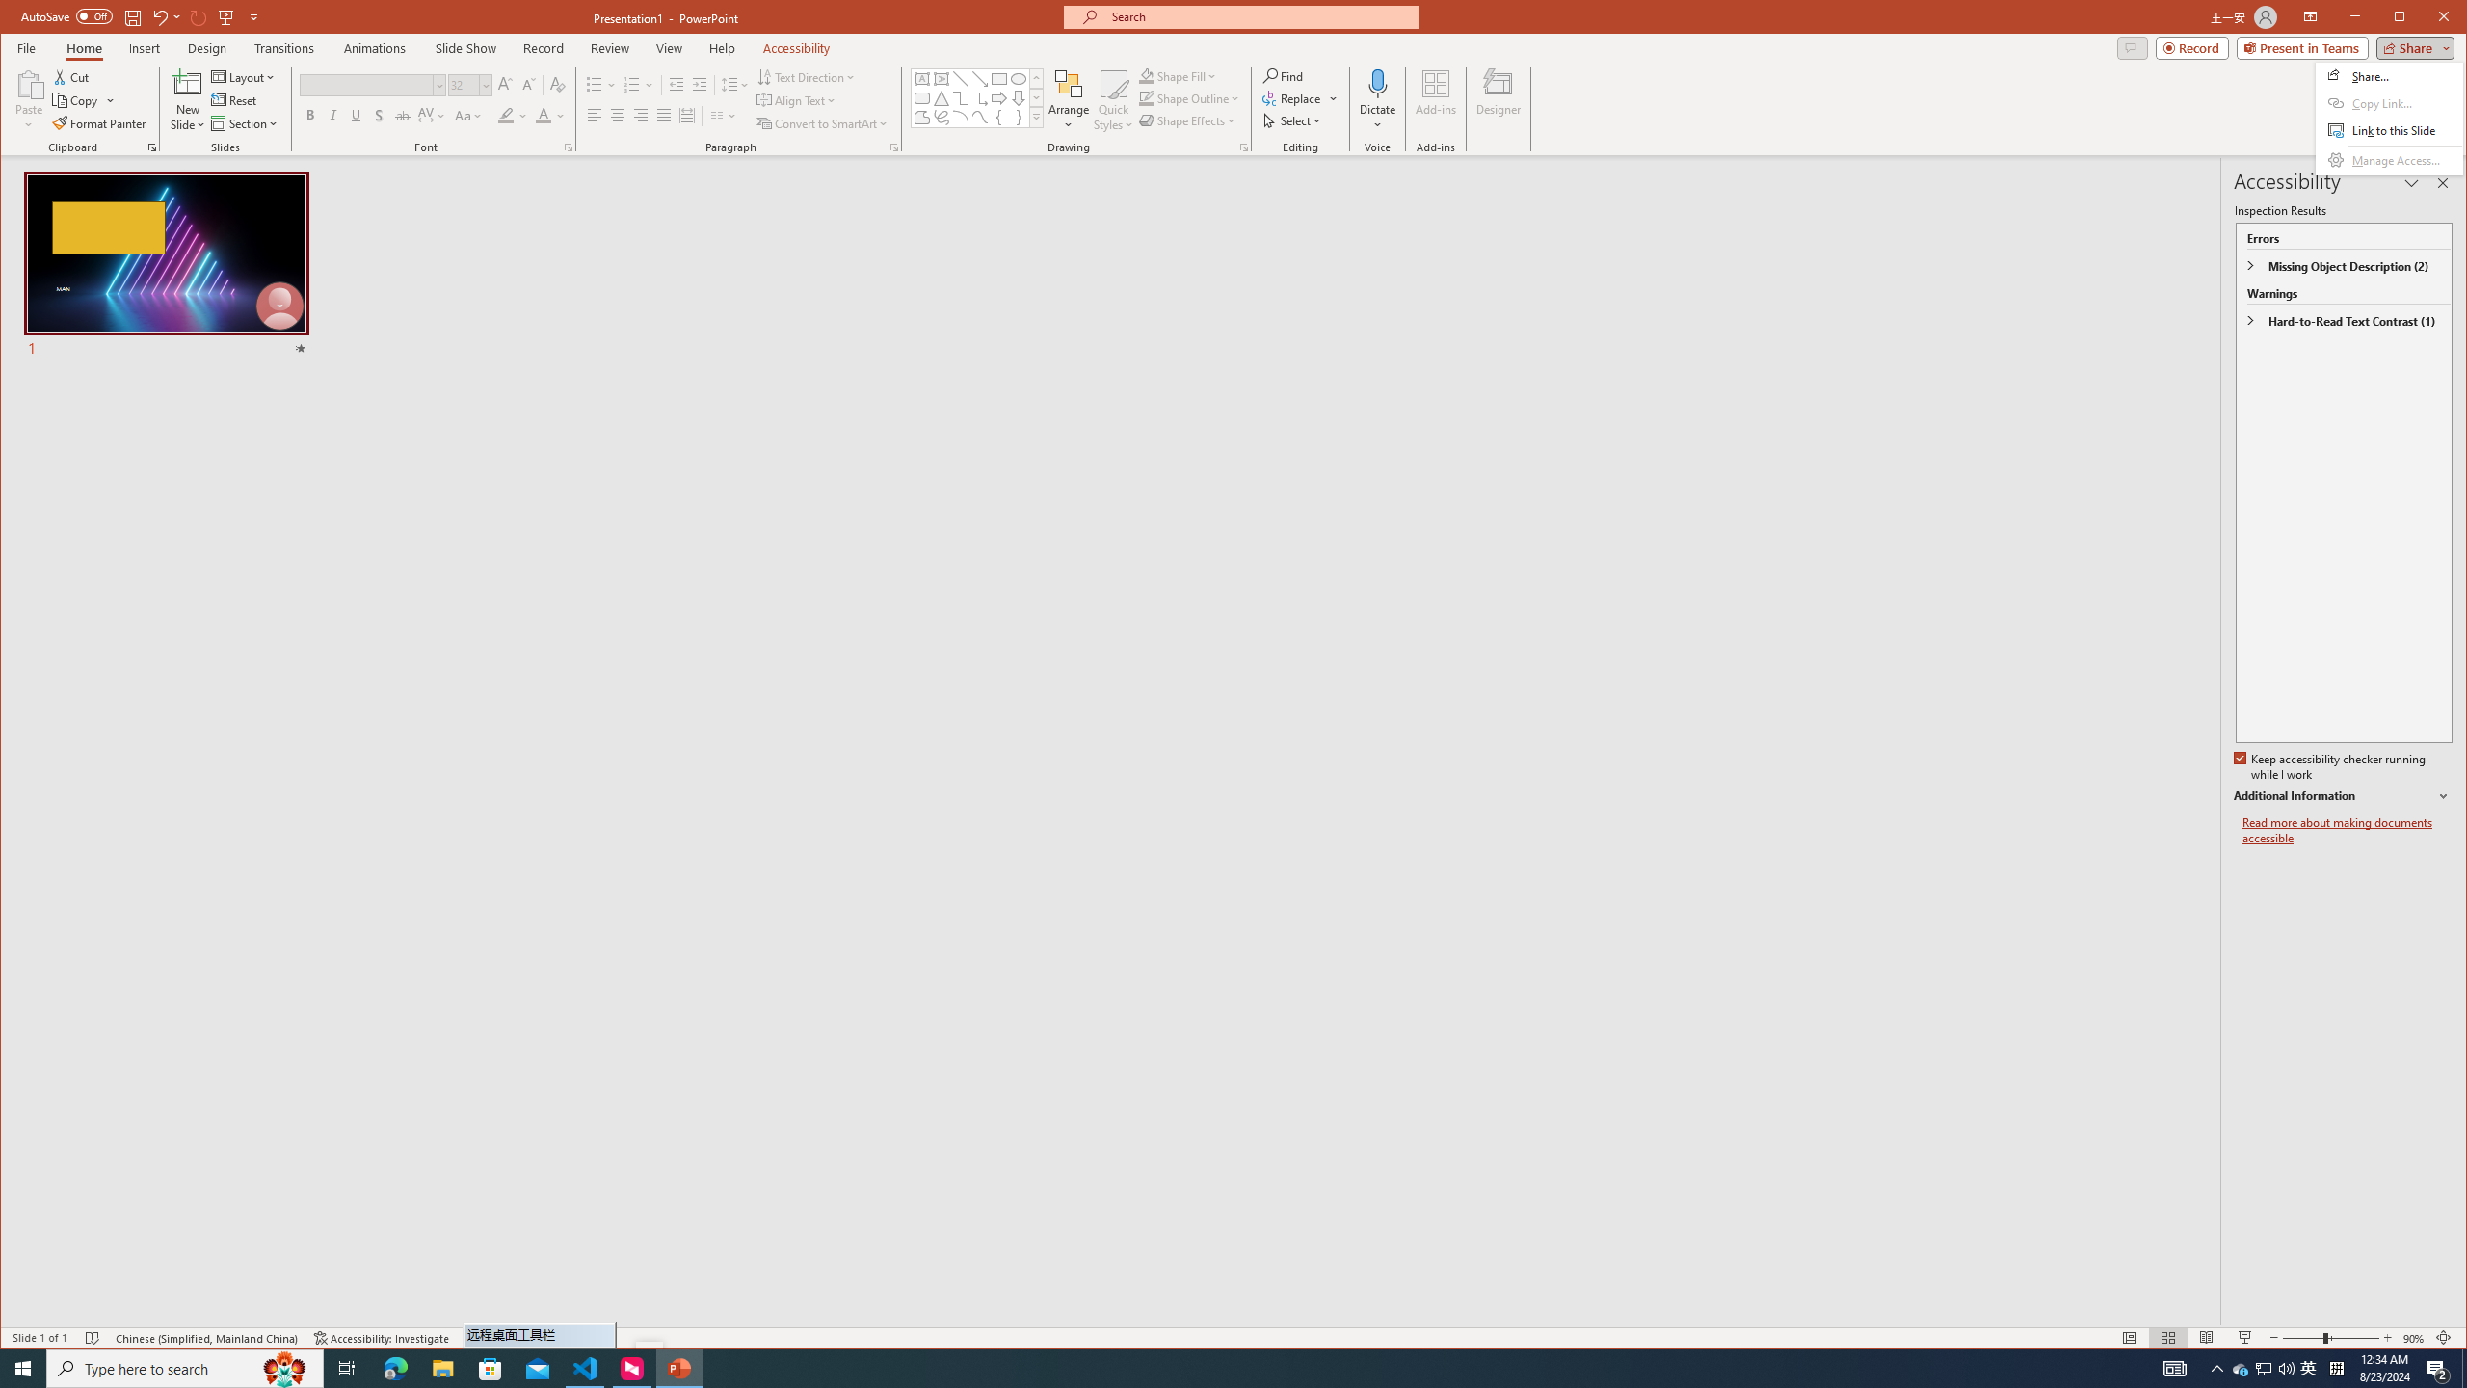 This screenshot has width=2467, height=1388. What do you see at coordinates (441, 1367) in the screenshot?
I see `'File Explorer'` at bounding box center [441, 1367].